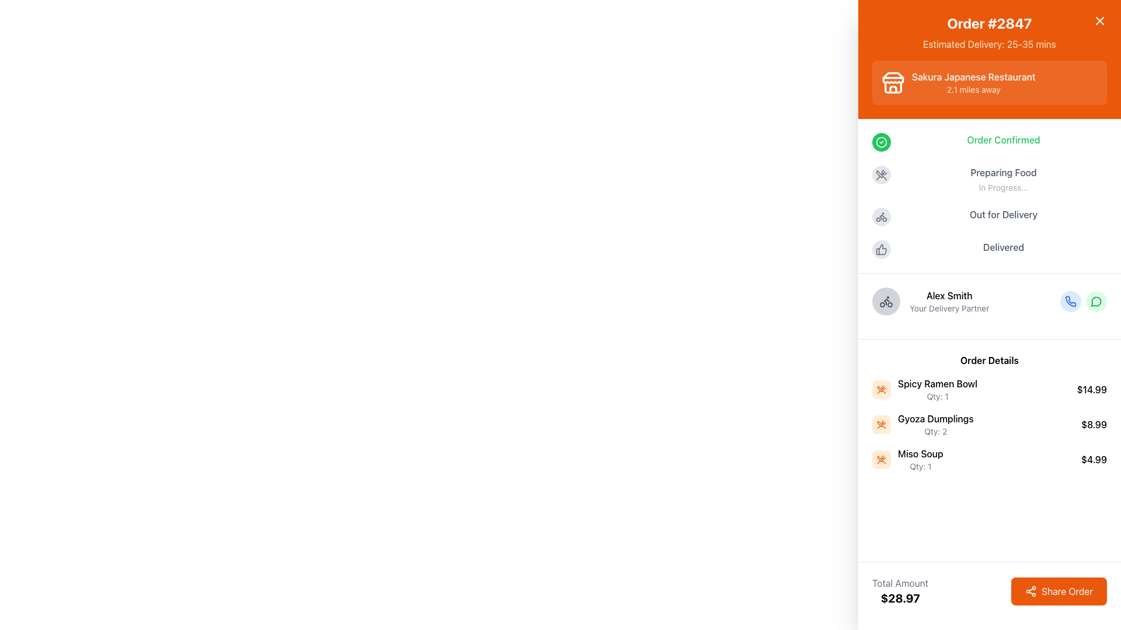  I want to click on the Informational Text Display that shows the total monetary amount for an order, located in the lower-left section of the interface, so click(900, 591).